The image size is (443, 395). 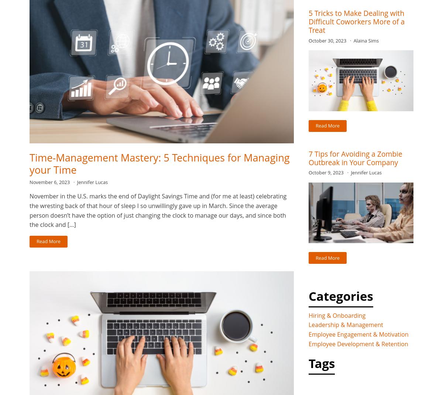 What do you see at coordinates (308, 157) in the screenshot?
I see `'7 Tips for Avoiding a Zombie Outbreak in Your Company'` at bounding box center [308, 157].